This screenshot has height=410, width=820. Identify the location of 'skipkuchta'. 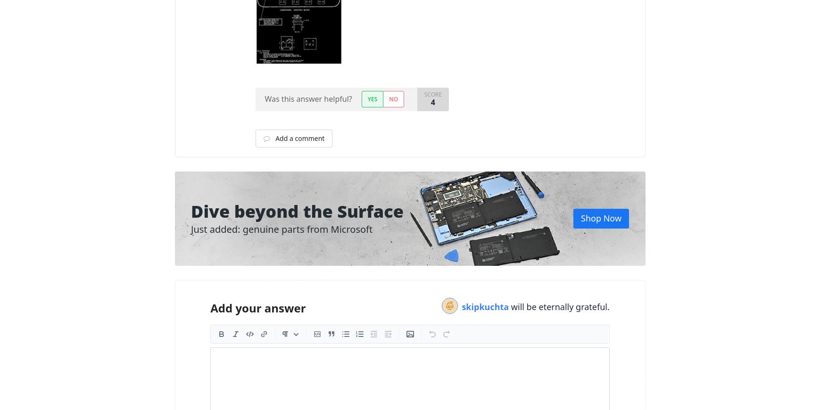
(486, 306).